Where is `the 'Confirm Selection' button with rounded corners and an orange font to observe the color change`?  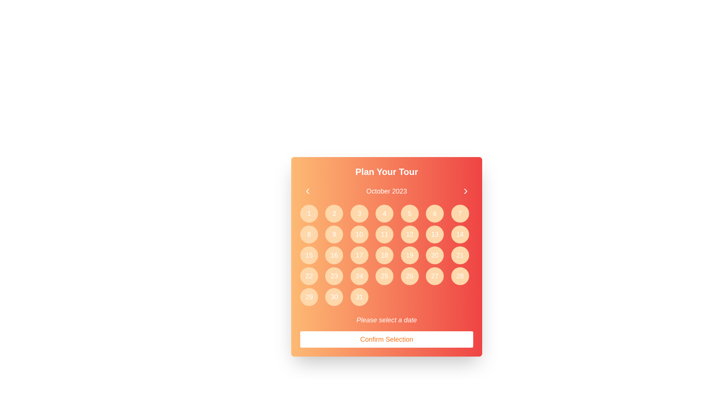 the 'Confirm Selection' button with rounded corners and an orange font to observe the color change is located at coordinates (386, 339).